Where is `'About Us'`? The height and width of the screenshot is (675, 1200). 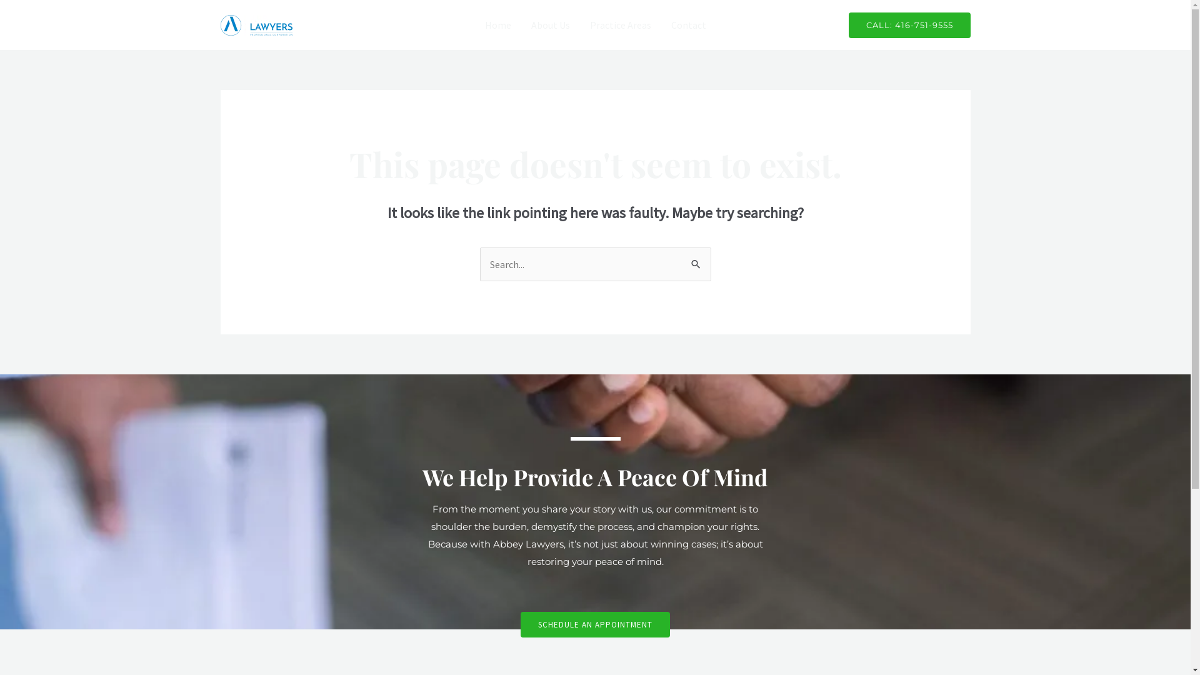 'About Us' is located at coordinates (550, 24).